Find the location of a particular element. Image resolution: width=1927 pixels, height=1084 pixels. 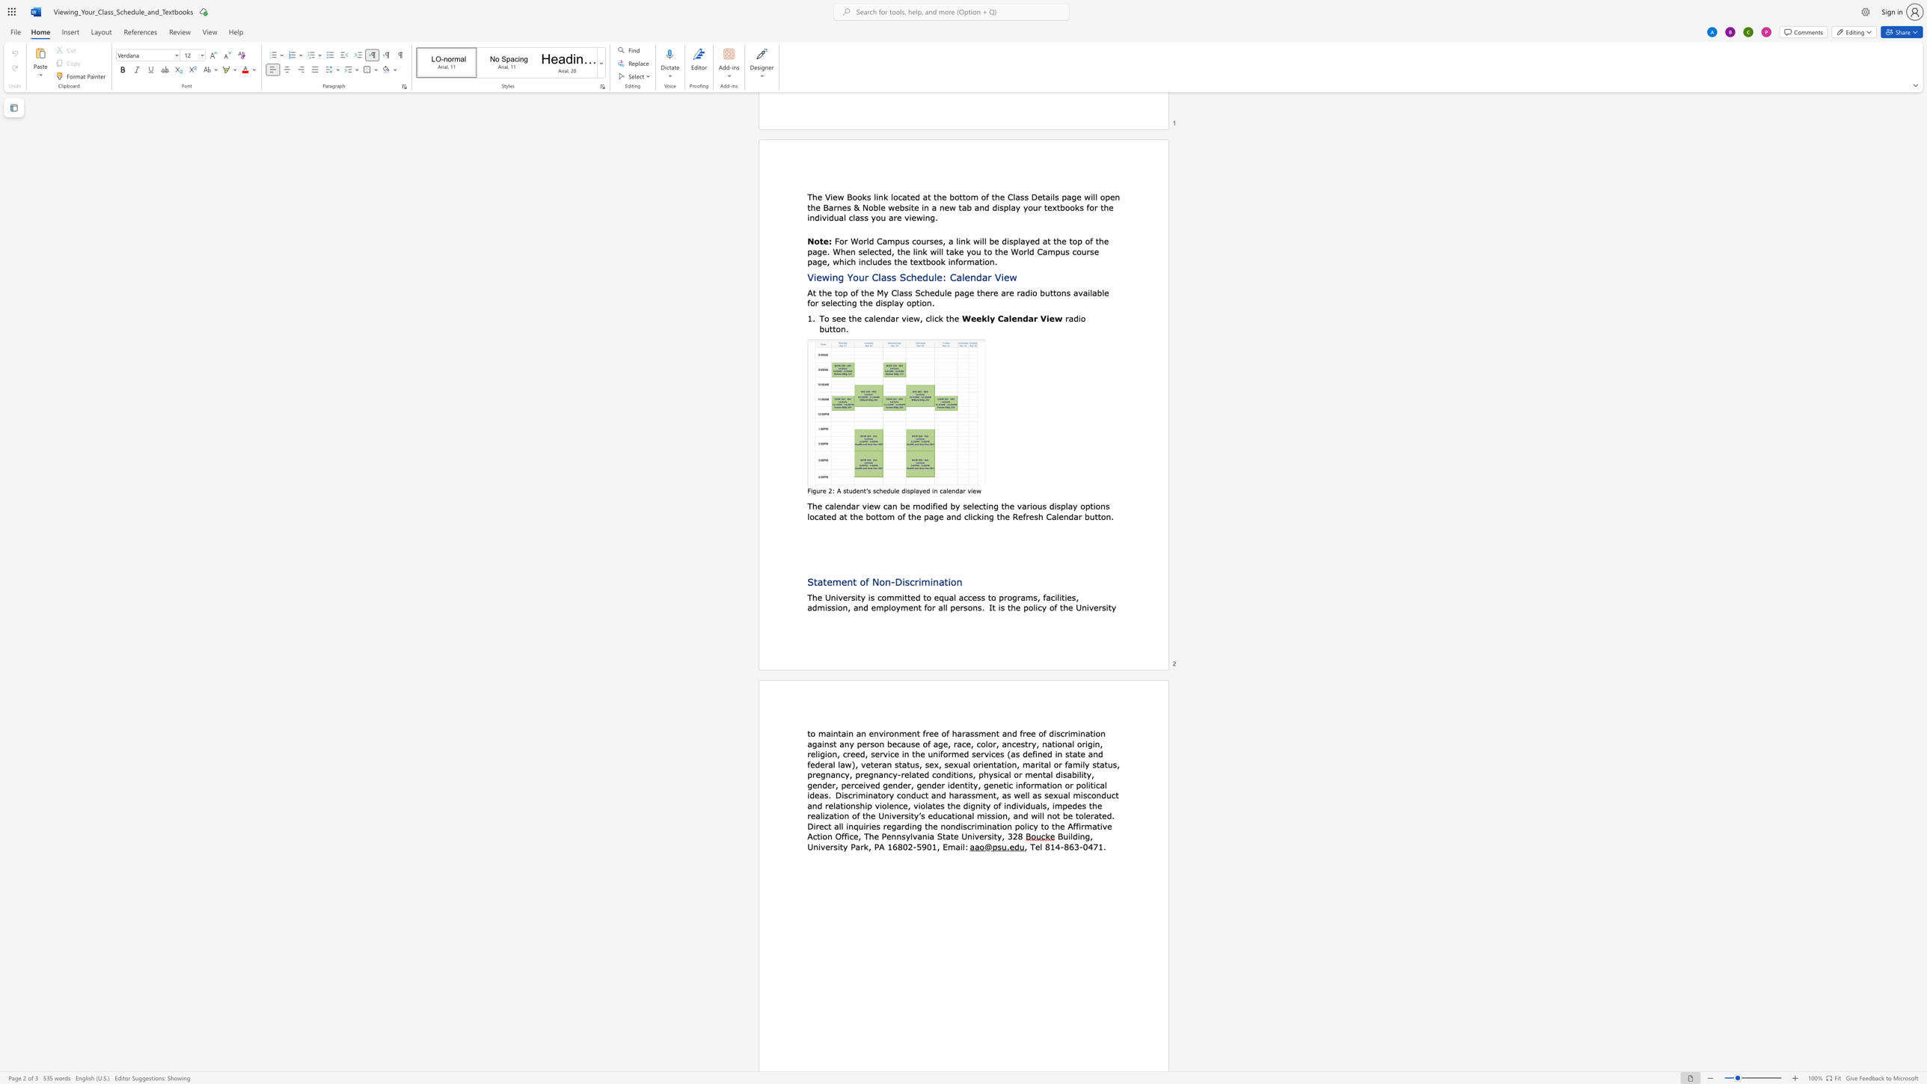

the 1th character "l" in the text is located at coordinates (1041, 845).